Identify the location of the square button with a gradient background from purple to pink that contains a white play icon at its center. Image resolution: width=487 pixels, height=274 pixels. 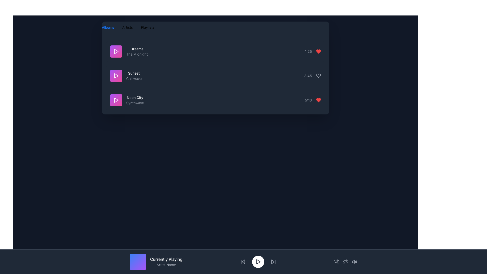
(116, 76).